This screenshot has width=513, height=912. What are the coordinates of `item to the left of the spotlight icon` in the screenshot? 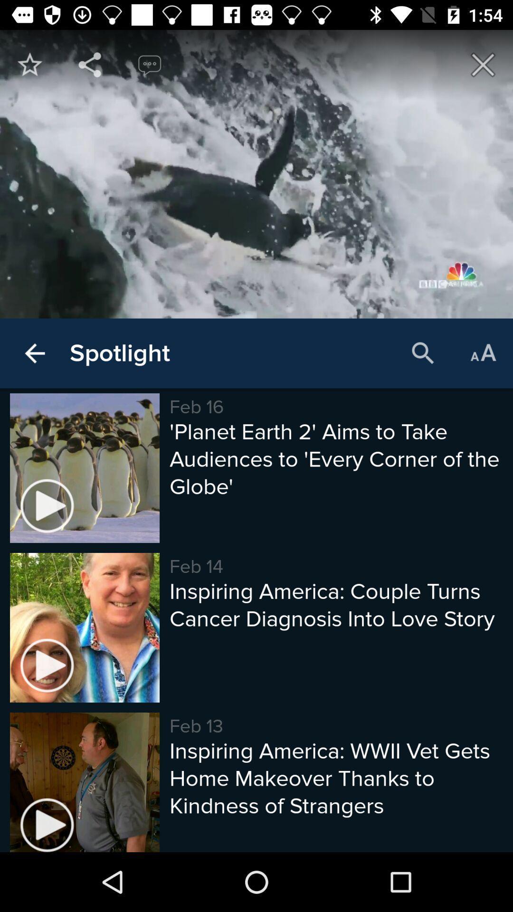 It's located at (34, 353).